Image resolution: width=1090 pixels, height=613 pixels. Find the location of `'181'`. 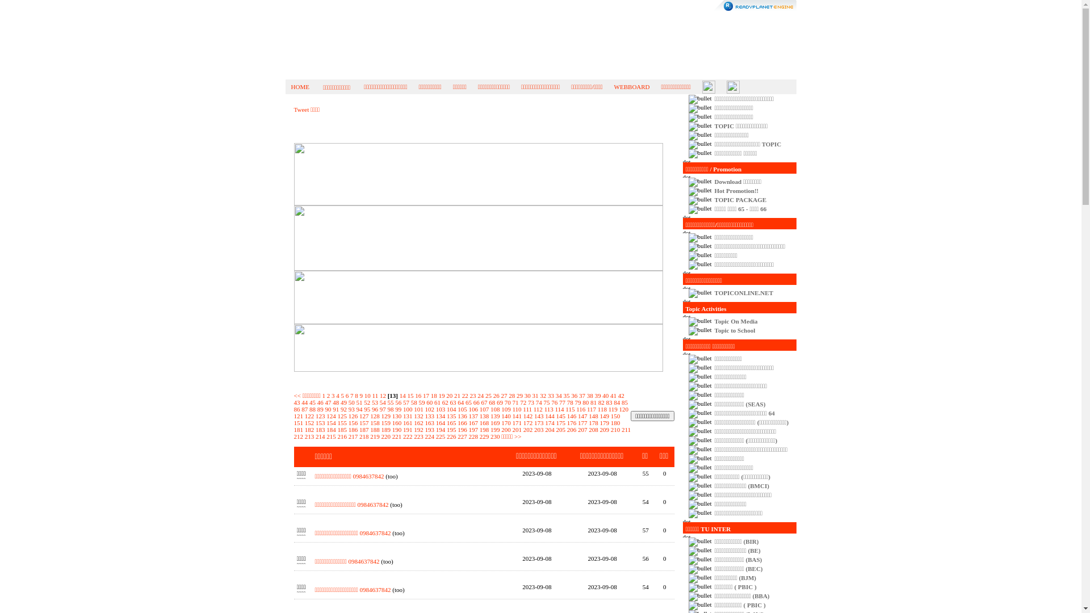

'181' is located at coordinates (299, 429).